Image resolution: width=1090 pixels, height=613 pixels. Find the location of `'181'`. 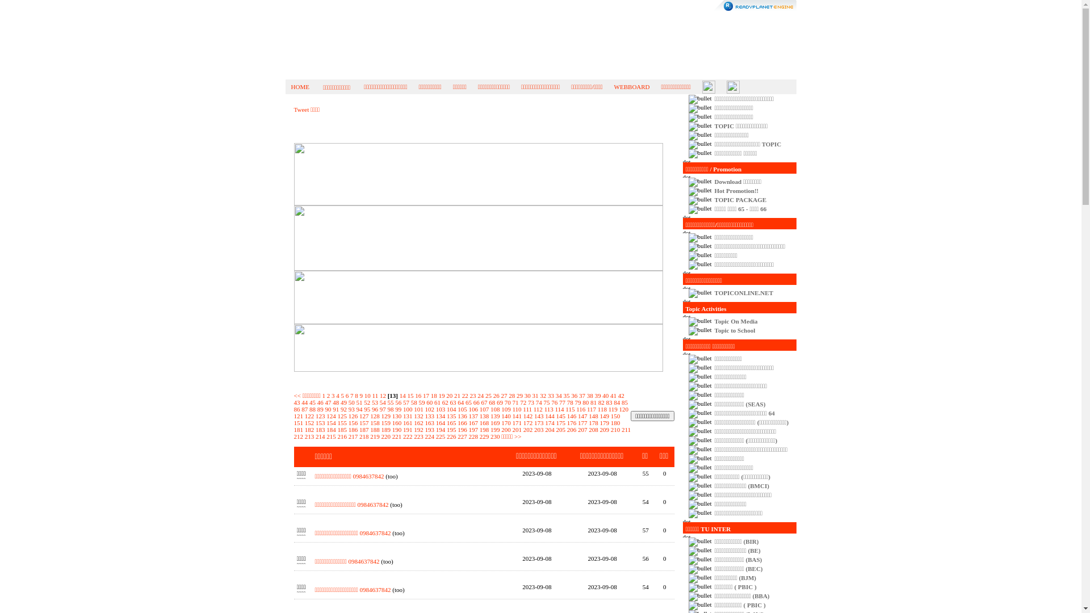

'181' is located at coordinates (299, 429).